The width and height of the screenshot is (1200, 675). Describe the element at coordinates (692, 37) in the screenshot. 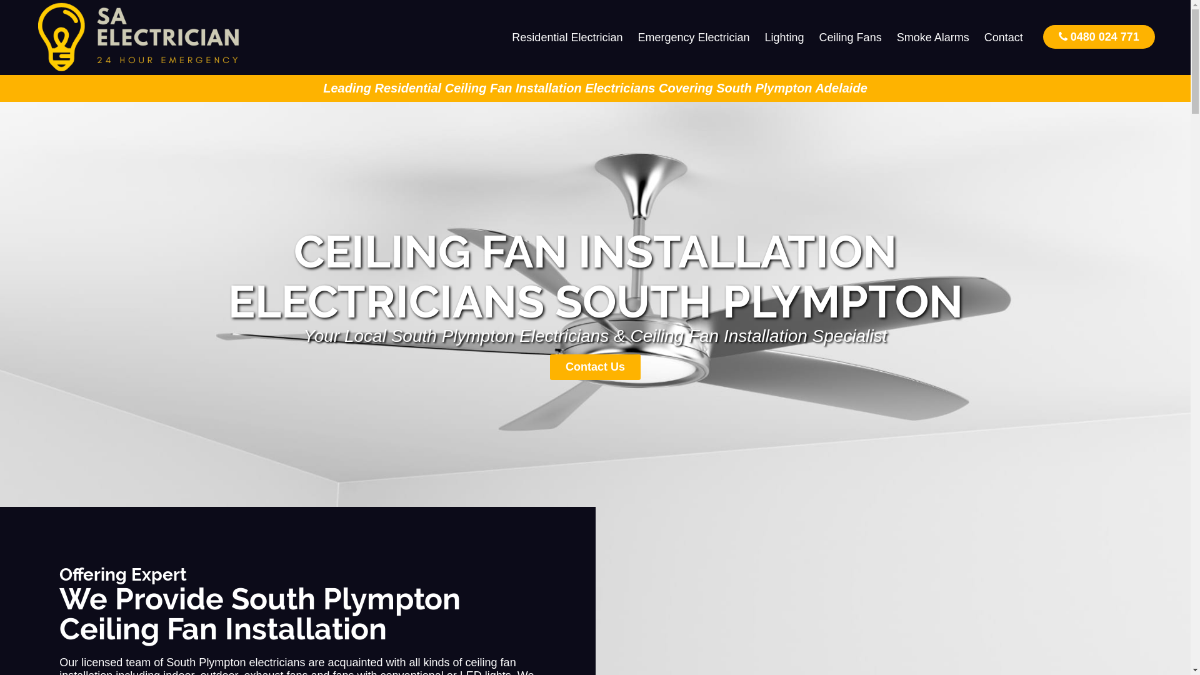

I see `'Emergency Electrician'` at that location.